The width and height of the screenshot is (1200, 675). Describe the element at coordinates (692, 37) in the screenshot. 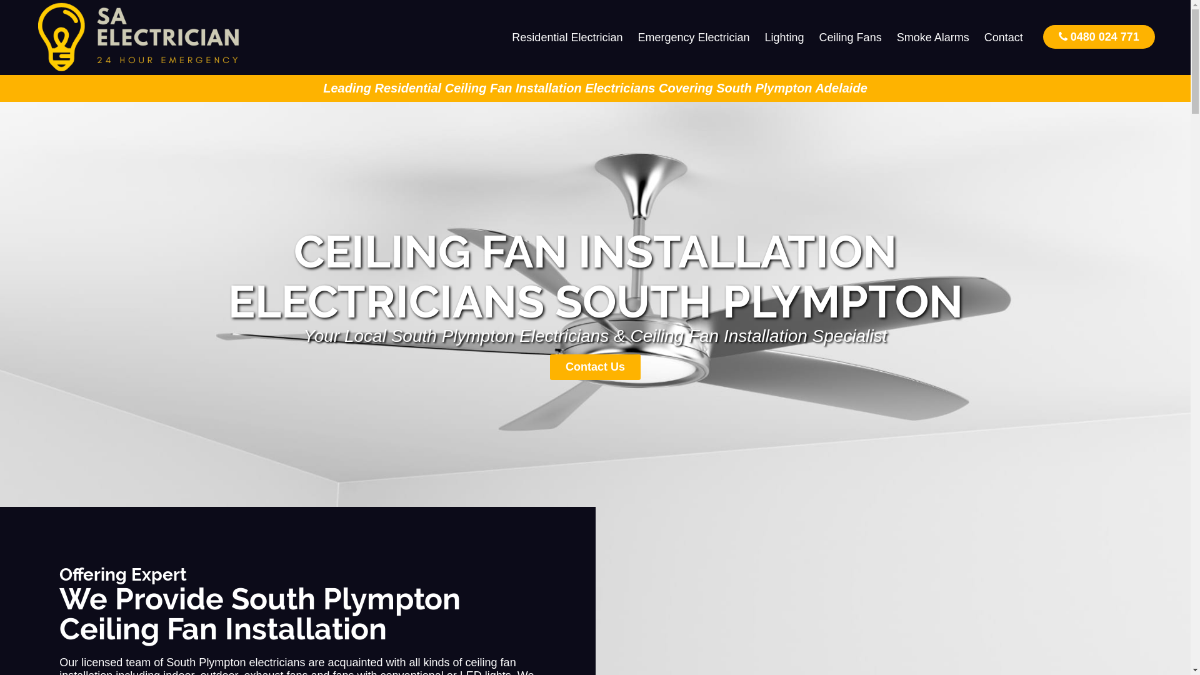

I see `'Emergency Electrician'` at that location.